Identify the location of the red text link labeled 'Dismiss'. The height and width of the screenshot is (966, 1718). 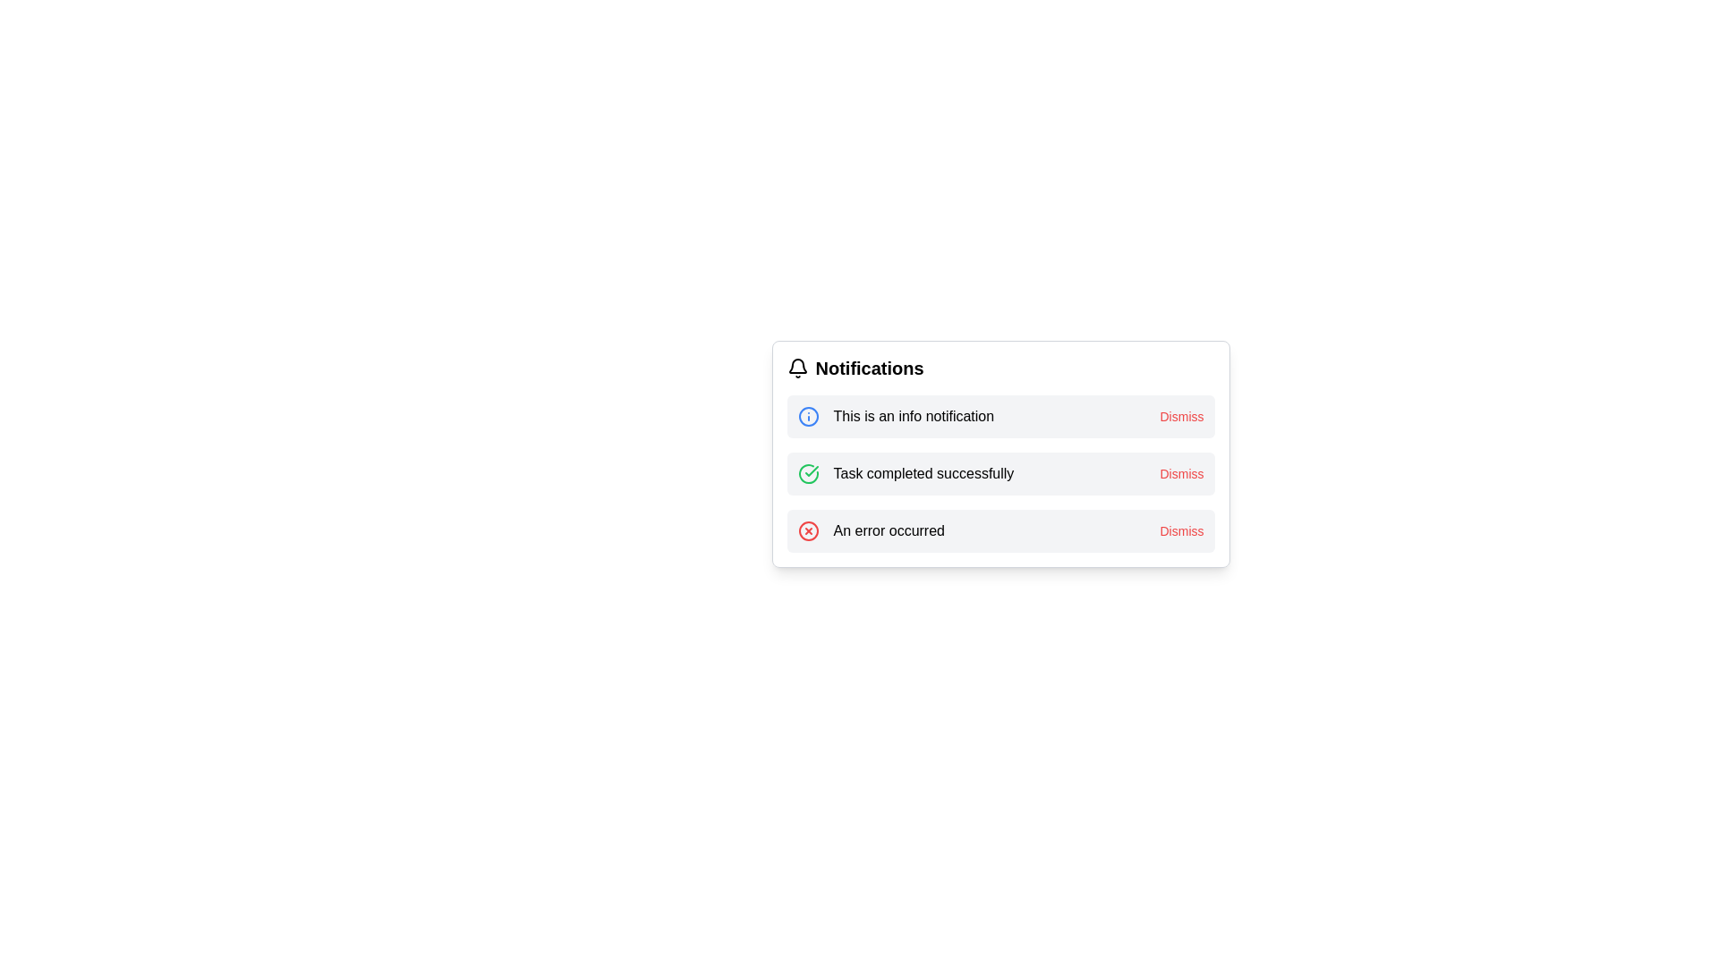
(1181, 472).